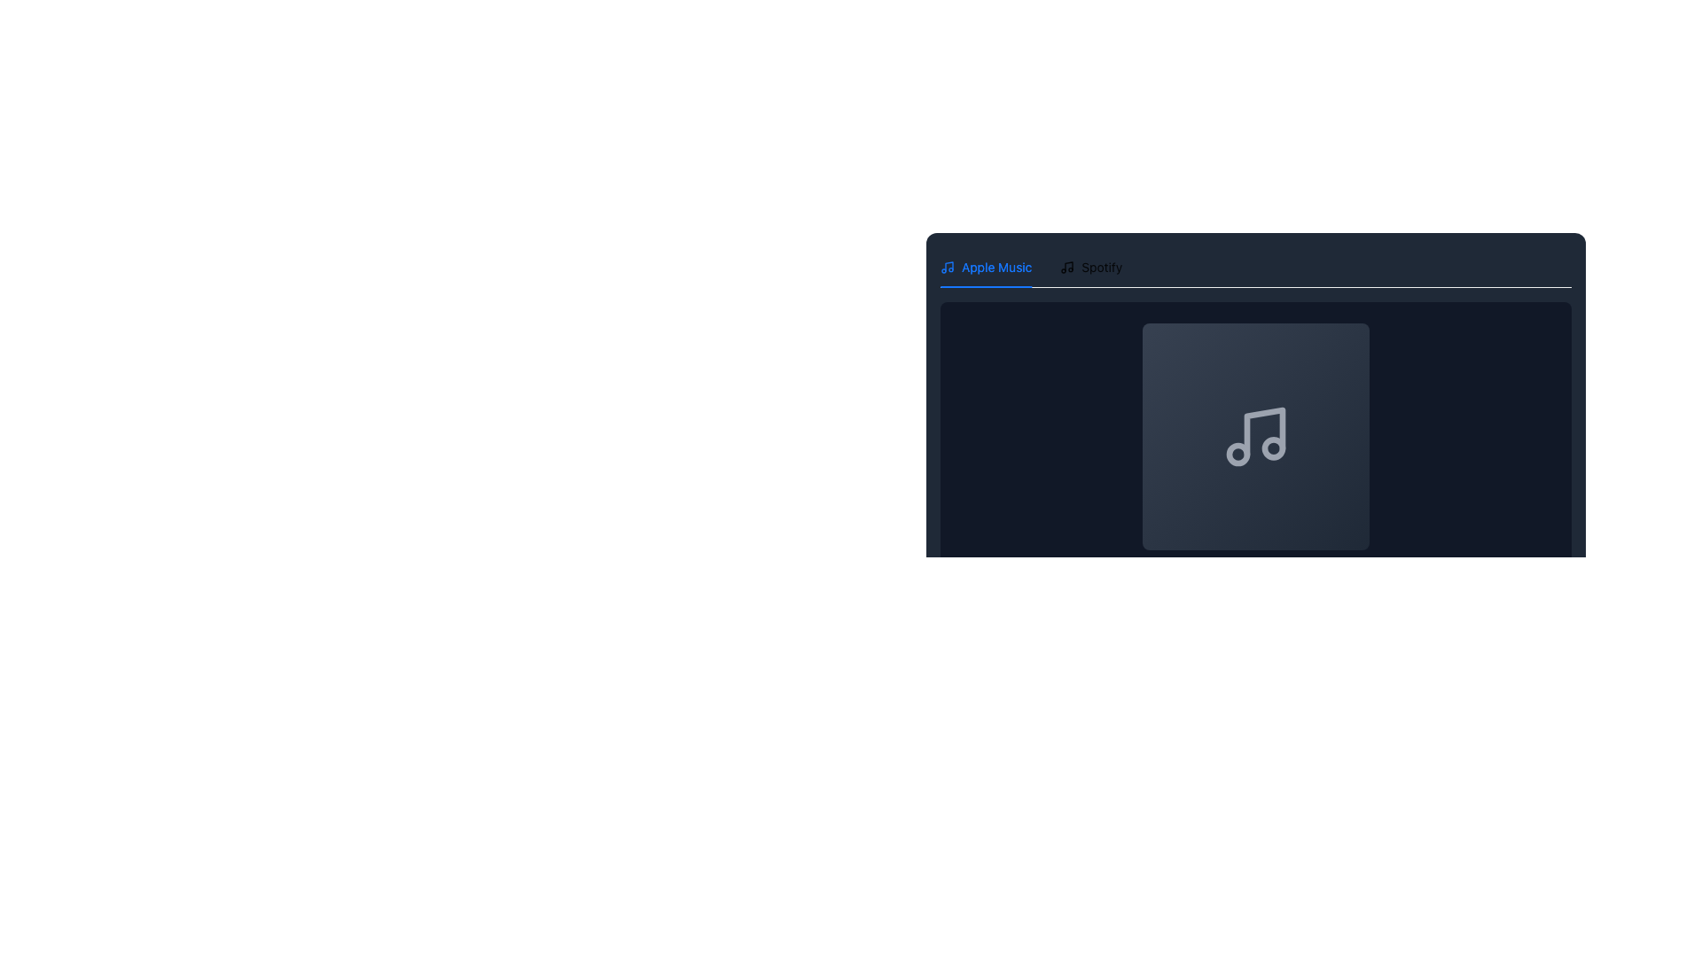 The width and height of the screenshot is (1702, 957). What do you see at coordinates (1066, 267) in the screenshot?
I see `the music icon associated with the 'Spotify' label, located at the top-right section of the interface` at bounding box center [1066, 267].